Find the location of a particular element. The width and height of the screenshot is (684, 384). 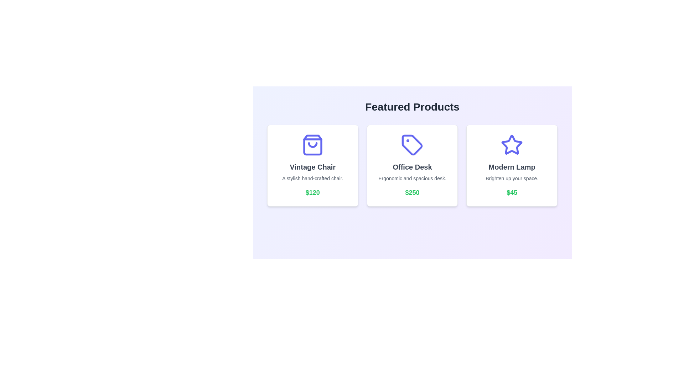

the text label that reads 'Ergonomic and spacious desk.' located under the heading 'Office Desk' is located at coordinates (412, 178).